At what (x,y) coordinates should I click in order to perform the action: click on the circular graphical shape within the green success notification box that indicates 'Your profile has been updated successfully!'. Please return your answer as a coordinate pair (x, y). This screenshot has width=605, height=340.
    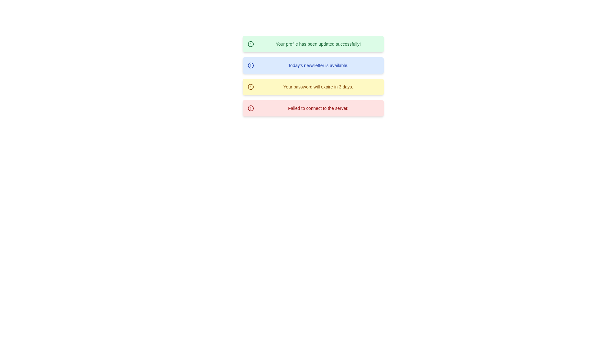
    Looking at the image, I should click on (251, 43).